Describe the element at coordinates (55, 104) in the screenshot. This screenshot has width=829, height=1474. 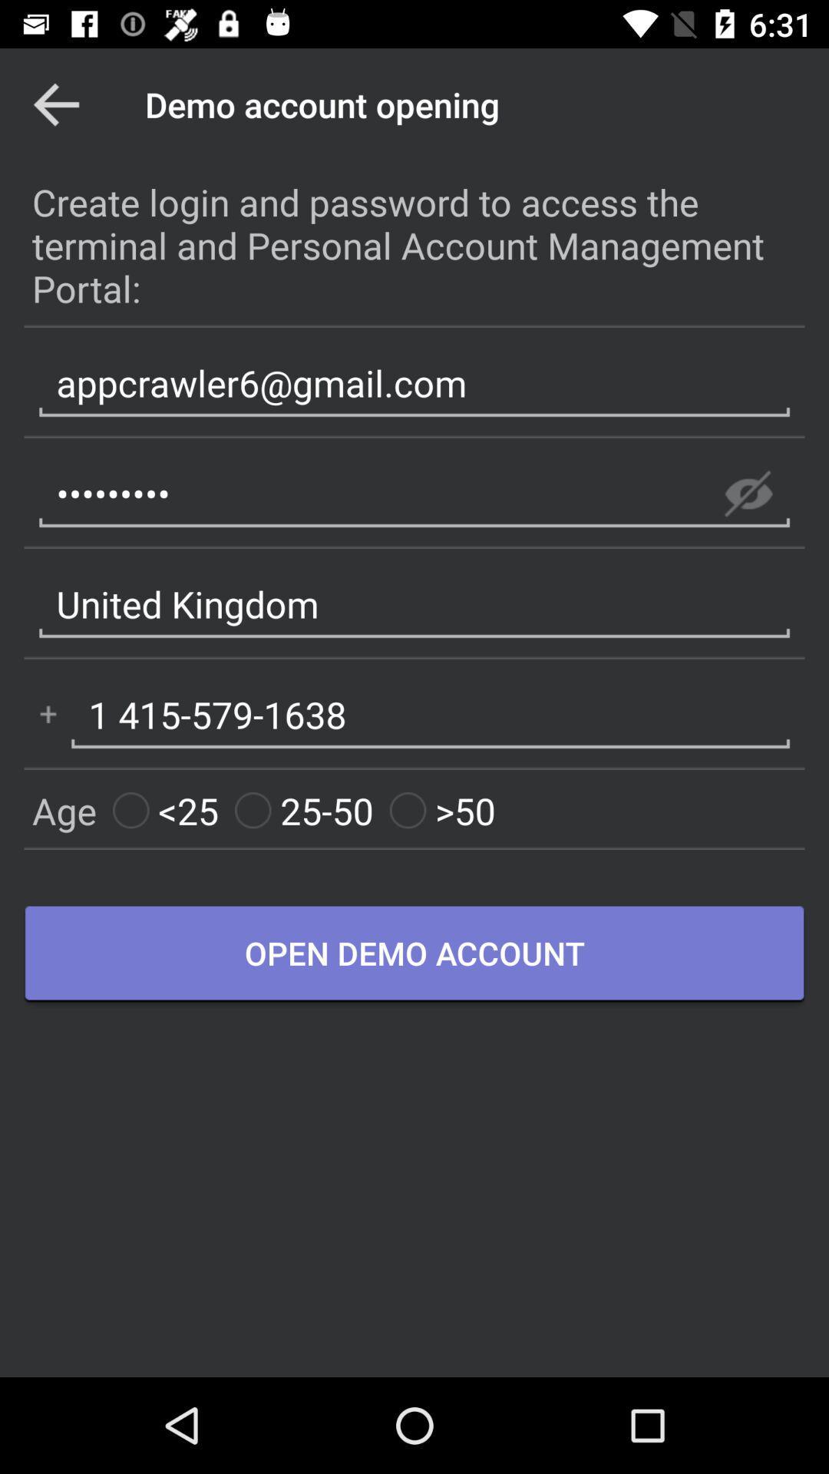
I see `go back` at that location.